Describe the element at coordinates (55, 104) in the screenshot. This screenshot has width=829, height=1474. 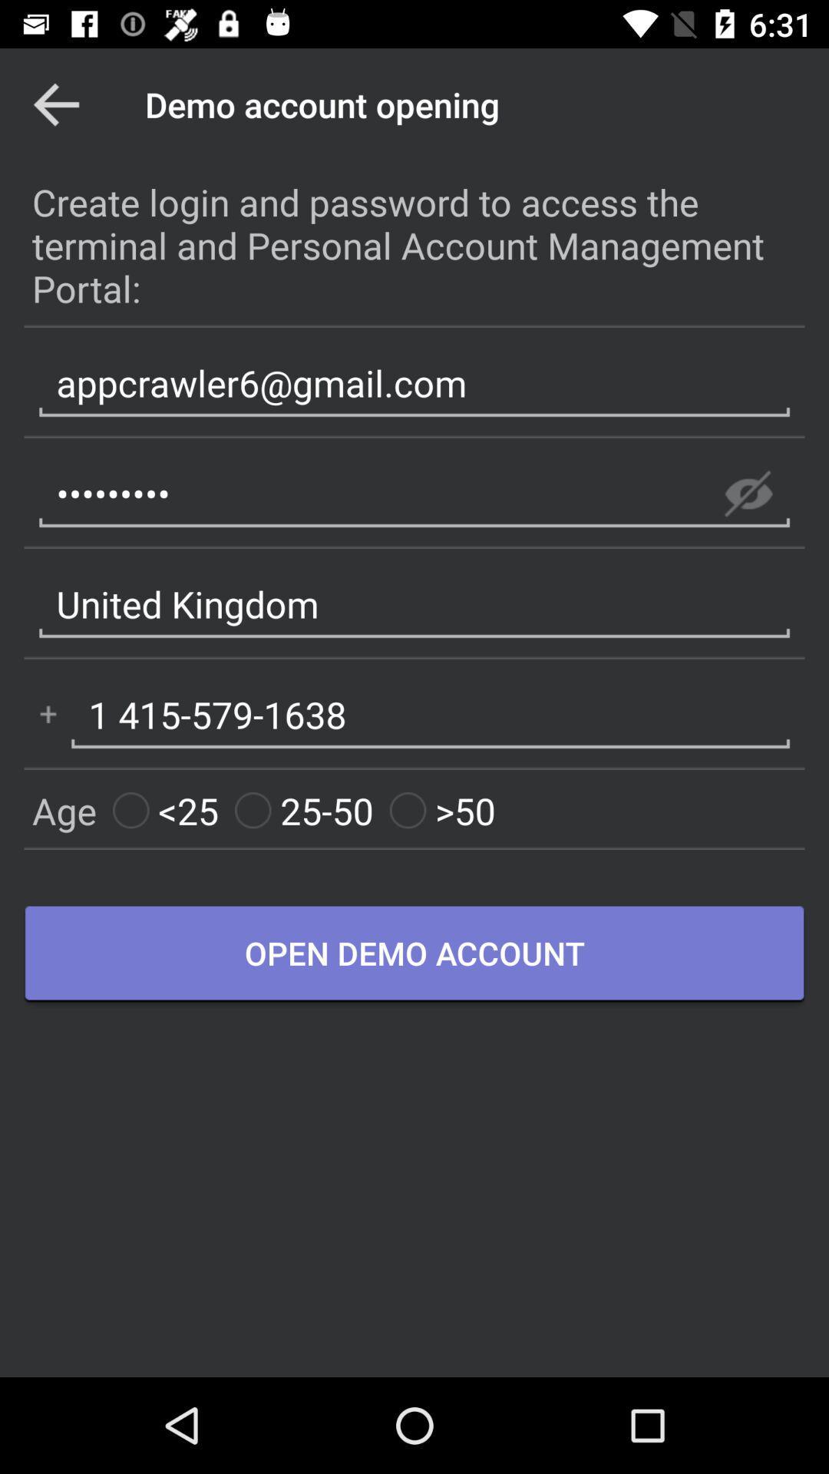
I see `go back` at that location.